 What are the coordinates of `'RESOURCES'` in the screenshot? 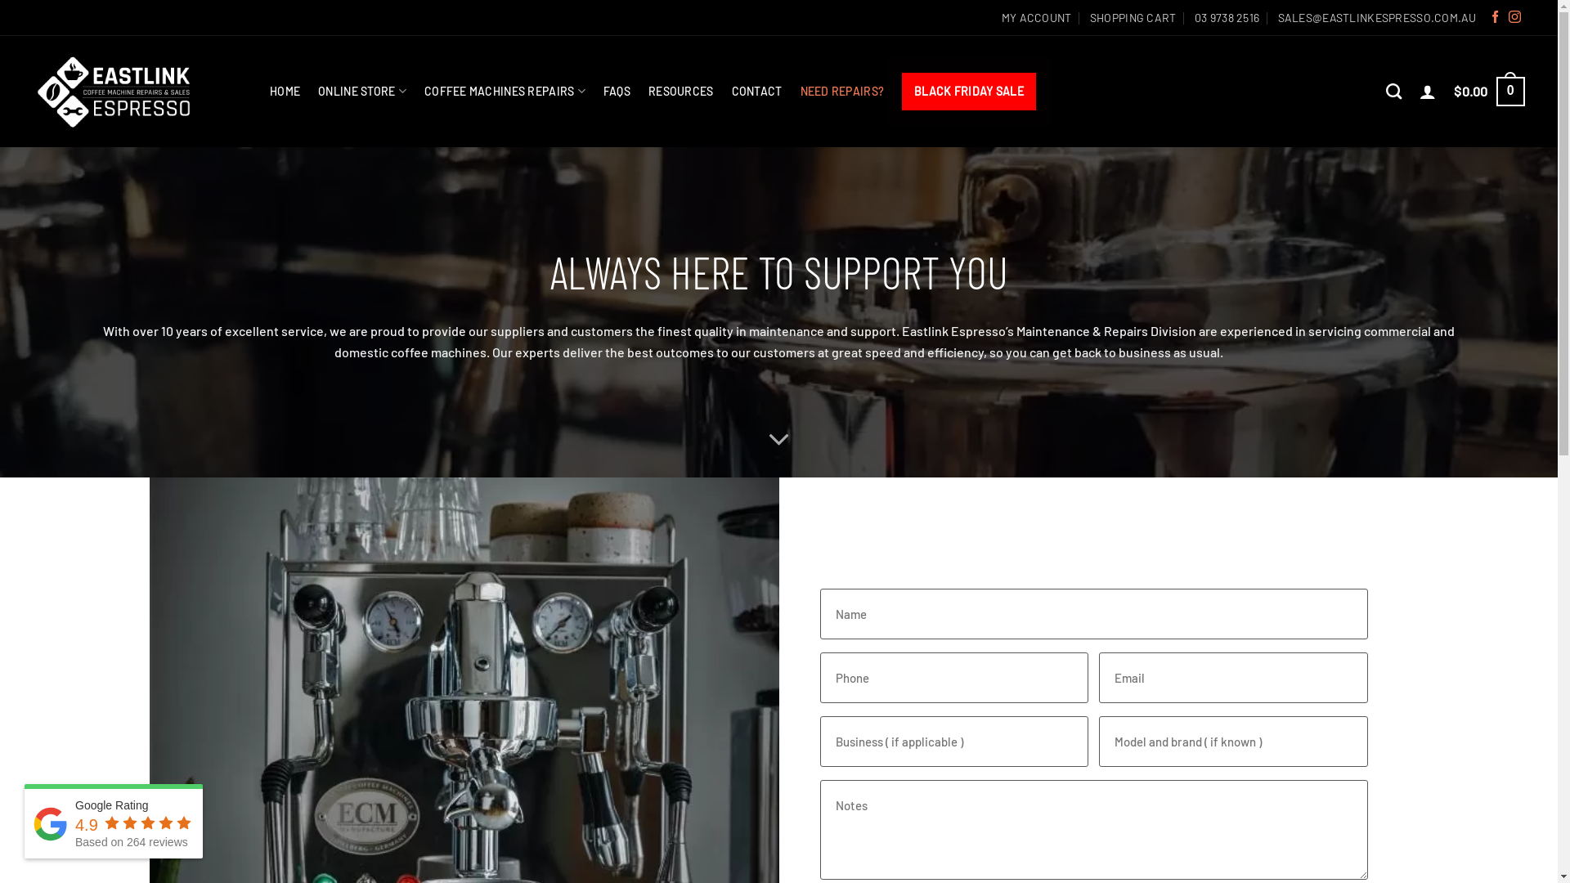 It's located at (681, 91).